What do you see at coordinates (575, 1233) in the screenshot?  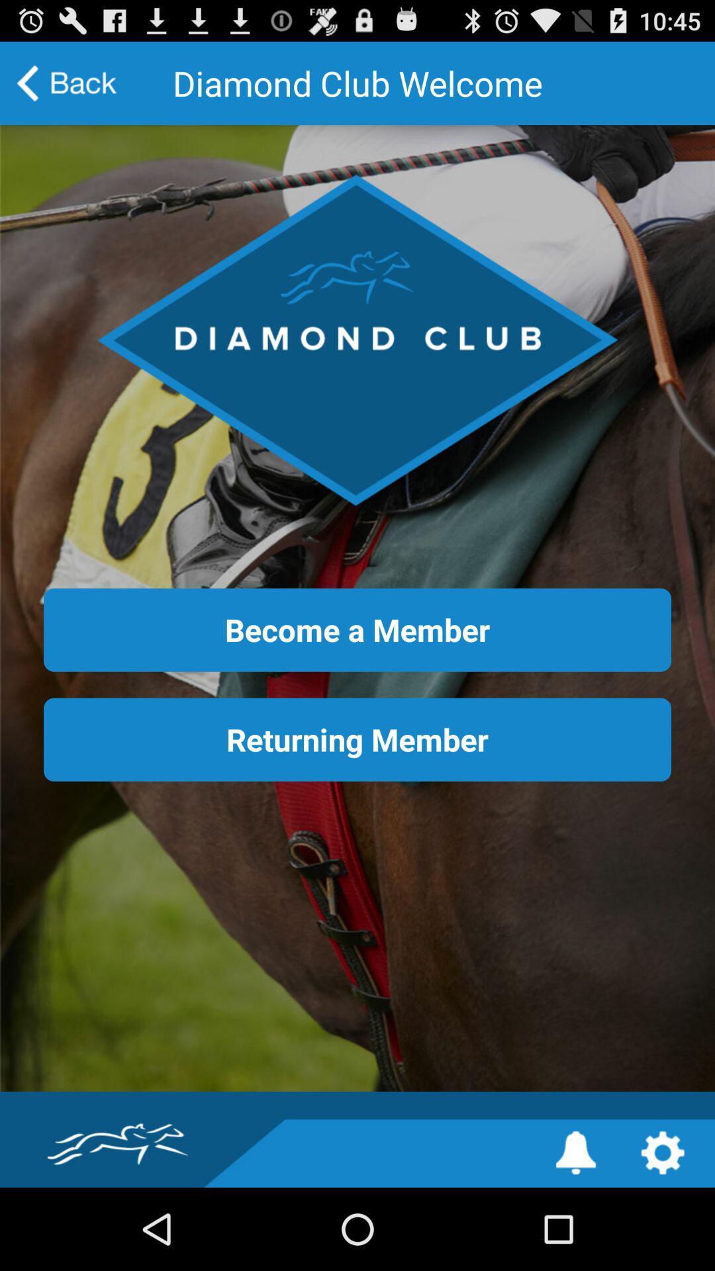 I see `the notifications icon` at bounding box center [575, 1233].